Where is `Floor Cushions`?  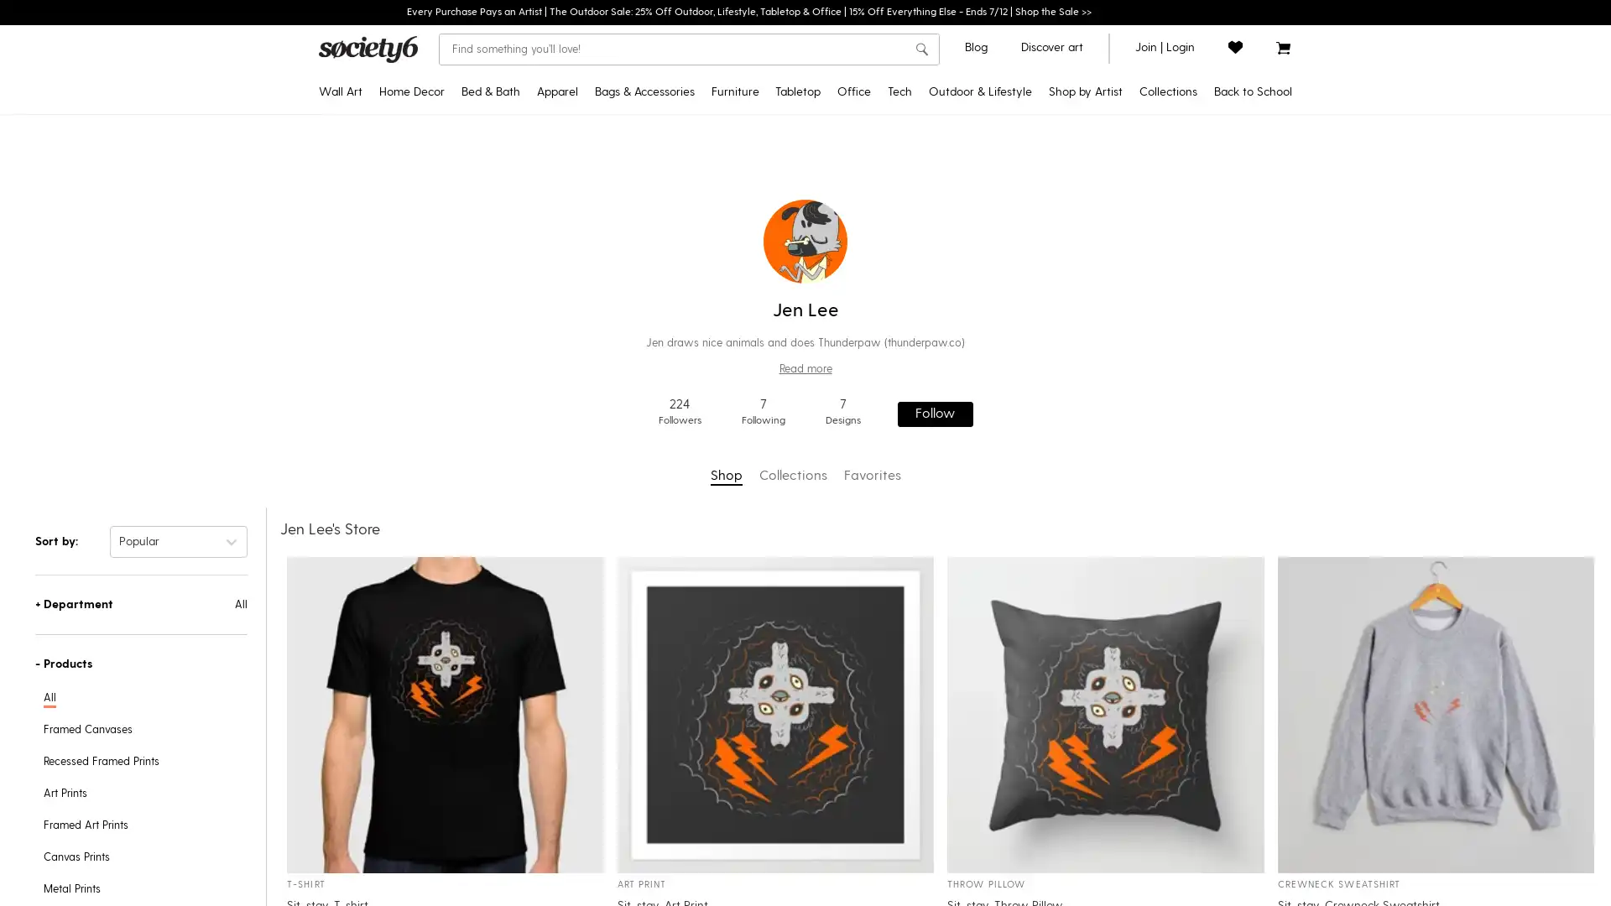 Floor Cushions is located at coordinates (1004, 486).